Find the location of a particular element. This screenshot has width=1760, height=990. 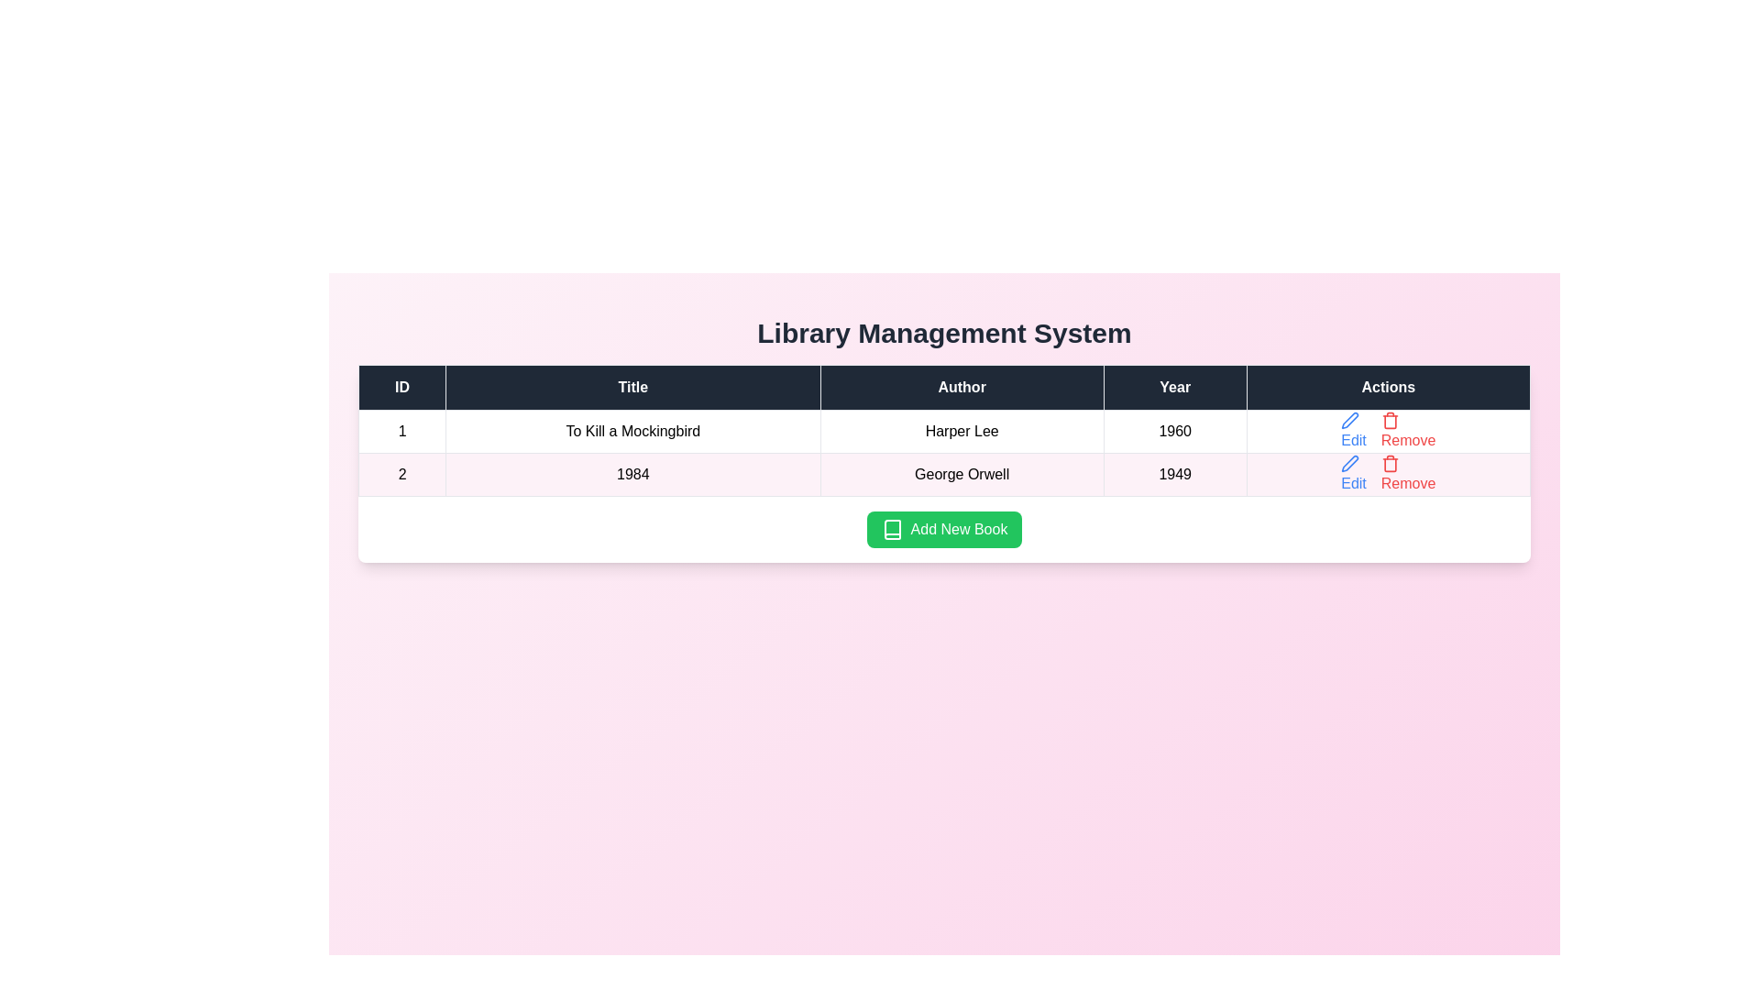

the icon inside the 'Add New Book' button, which symbolizes the action of adding a new book is located at coordinates (892, 530).